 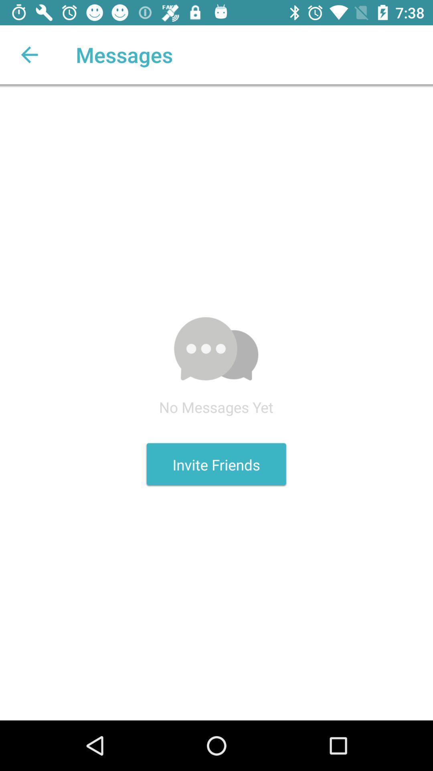 What do you see at coordinates (216, 465) in the screenshot?
I see `the invite friends icon` at bounding box center [216, 465].